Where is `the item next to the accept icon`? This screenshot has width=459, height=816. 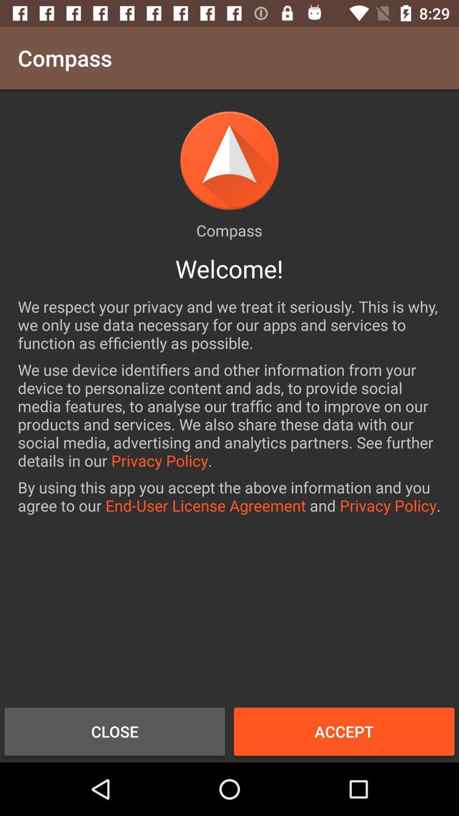 the item next to the accept icon is located at coordinates (115, 731).